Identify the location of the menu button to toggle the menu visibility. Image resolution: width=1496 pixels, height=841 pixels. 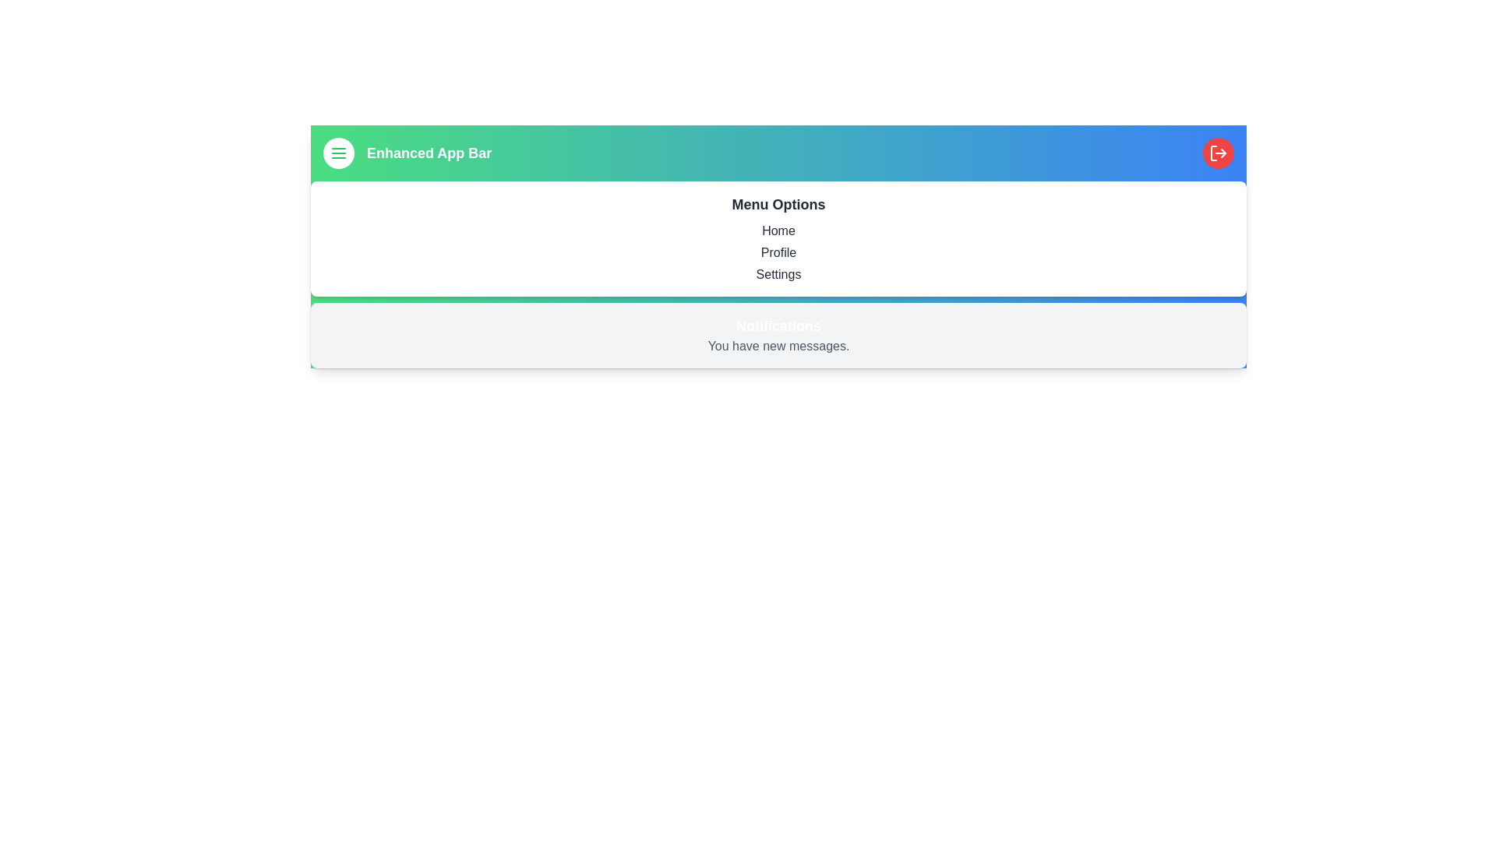
(338, 153).